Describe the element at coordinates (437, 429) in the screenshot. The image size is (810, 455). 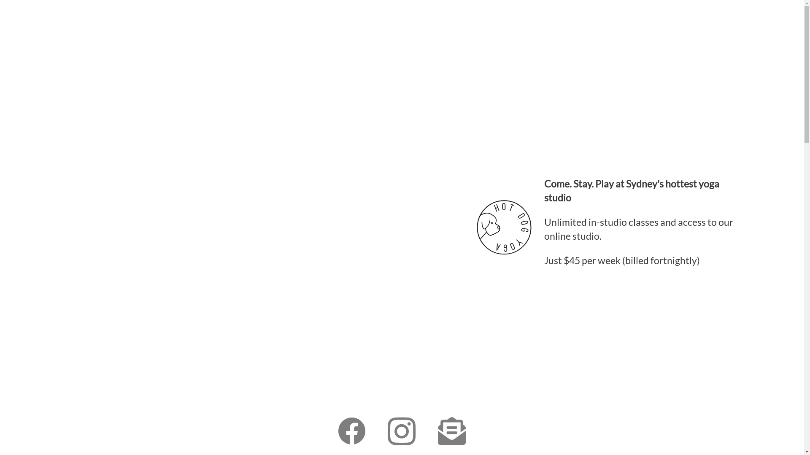
I see `'Email Hot Dog Yoga'` at that location.